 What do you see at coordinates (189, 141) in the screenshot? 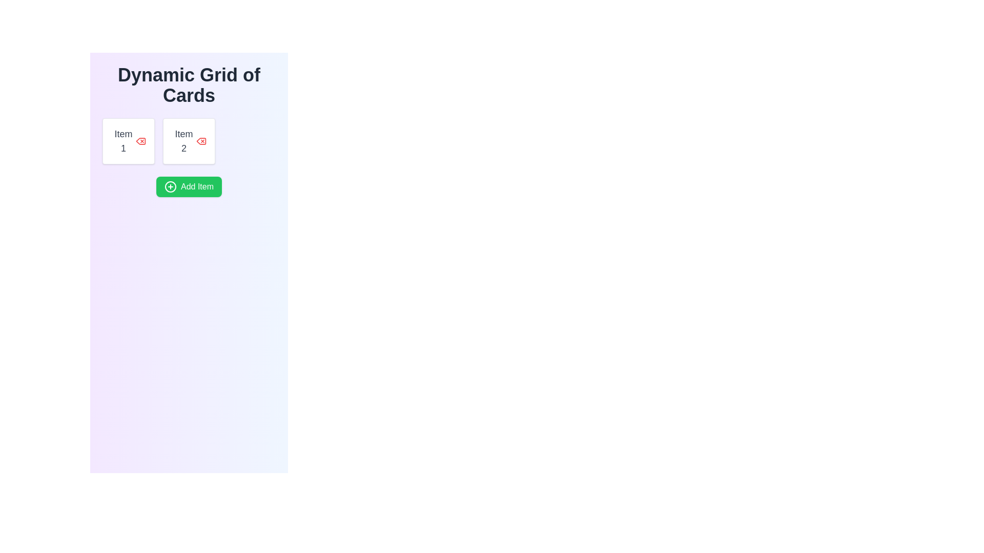
I see `the Card component displaying 'Item 2', which is the second card in the grid layout` at bounding box center [189, 141].